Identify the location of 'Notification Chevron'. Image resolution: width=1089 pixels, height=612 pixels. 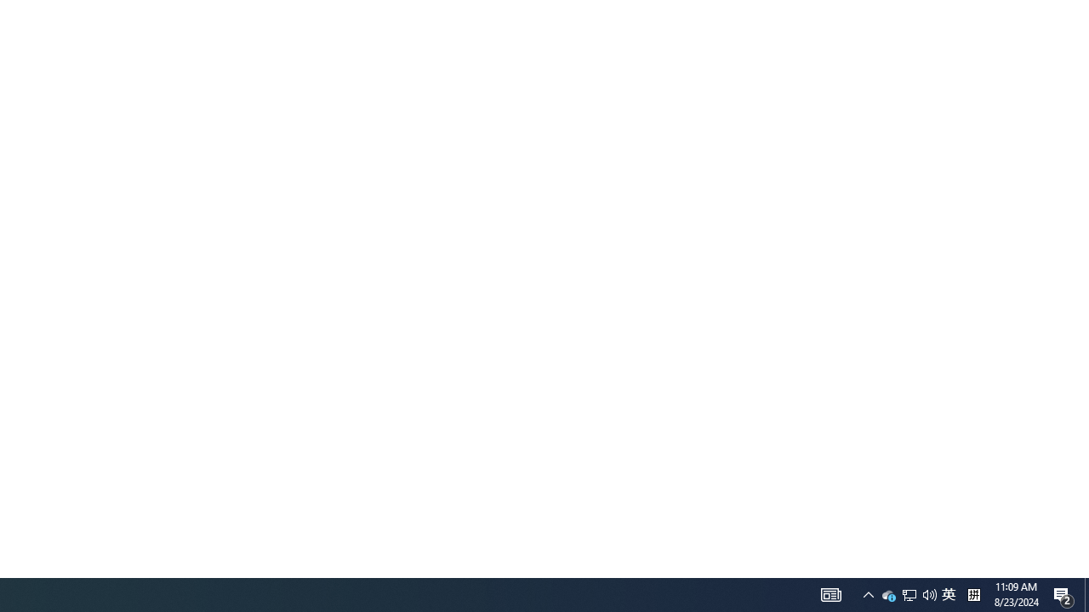
(908, 593).